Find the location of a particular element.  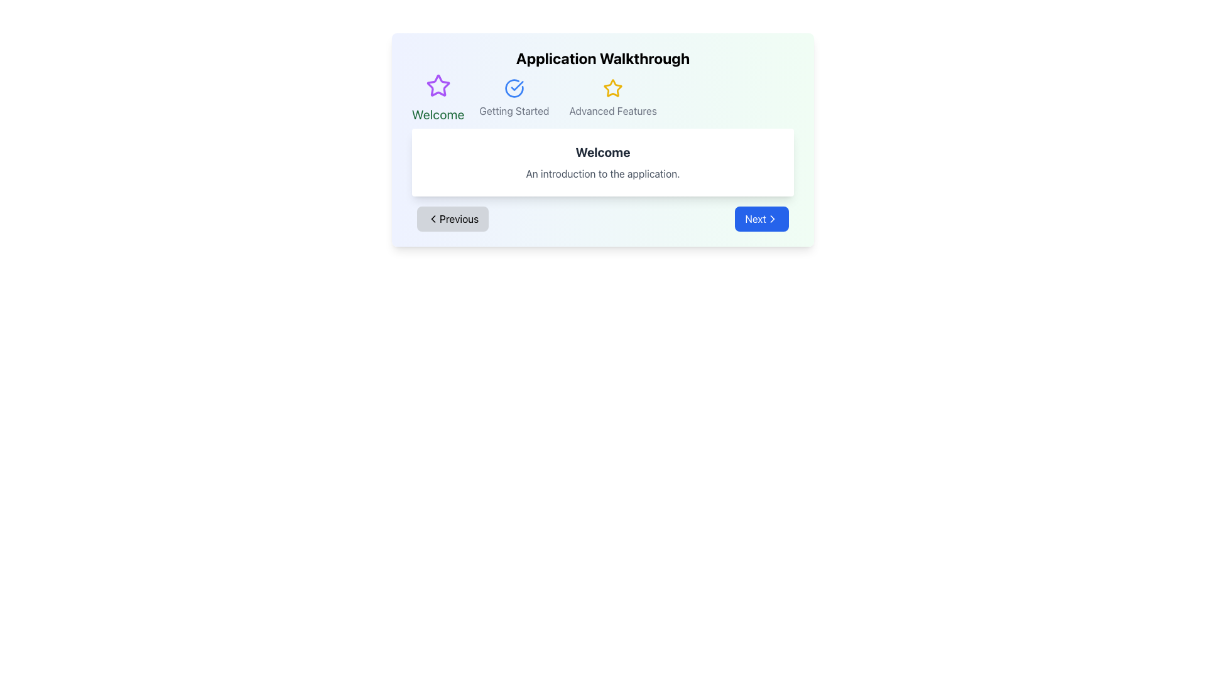

the decorative yellow outlined star icon, which is the first icon in a horizontal navigation bar above the text 'Welcome' is located at coordinates (613, 87).